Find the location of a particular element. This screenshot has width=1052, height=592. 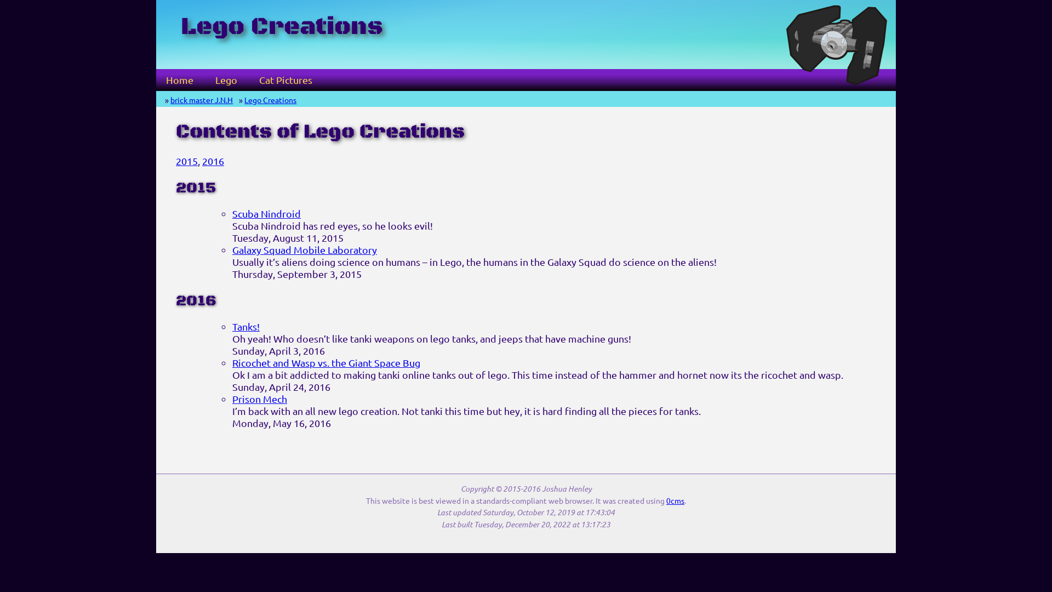

'Lego Creations' is located at coordinates (270, 99).